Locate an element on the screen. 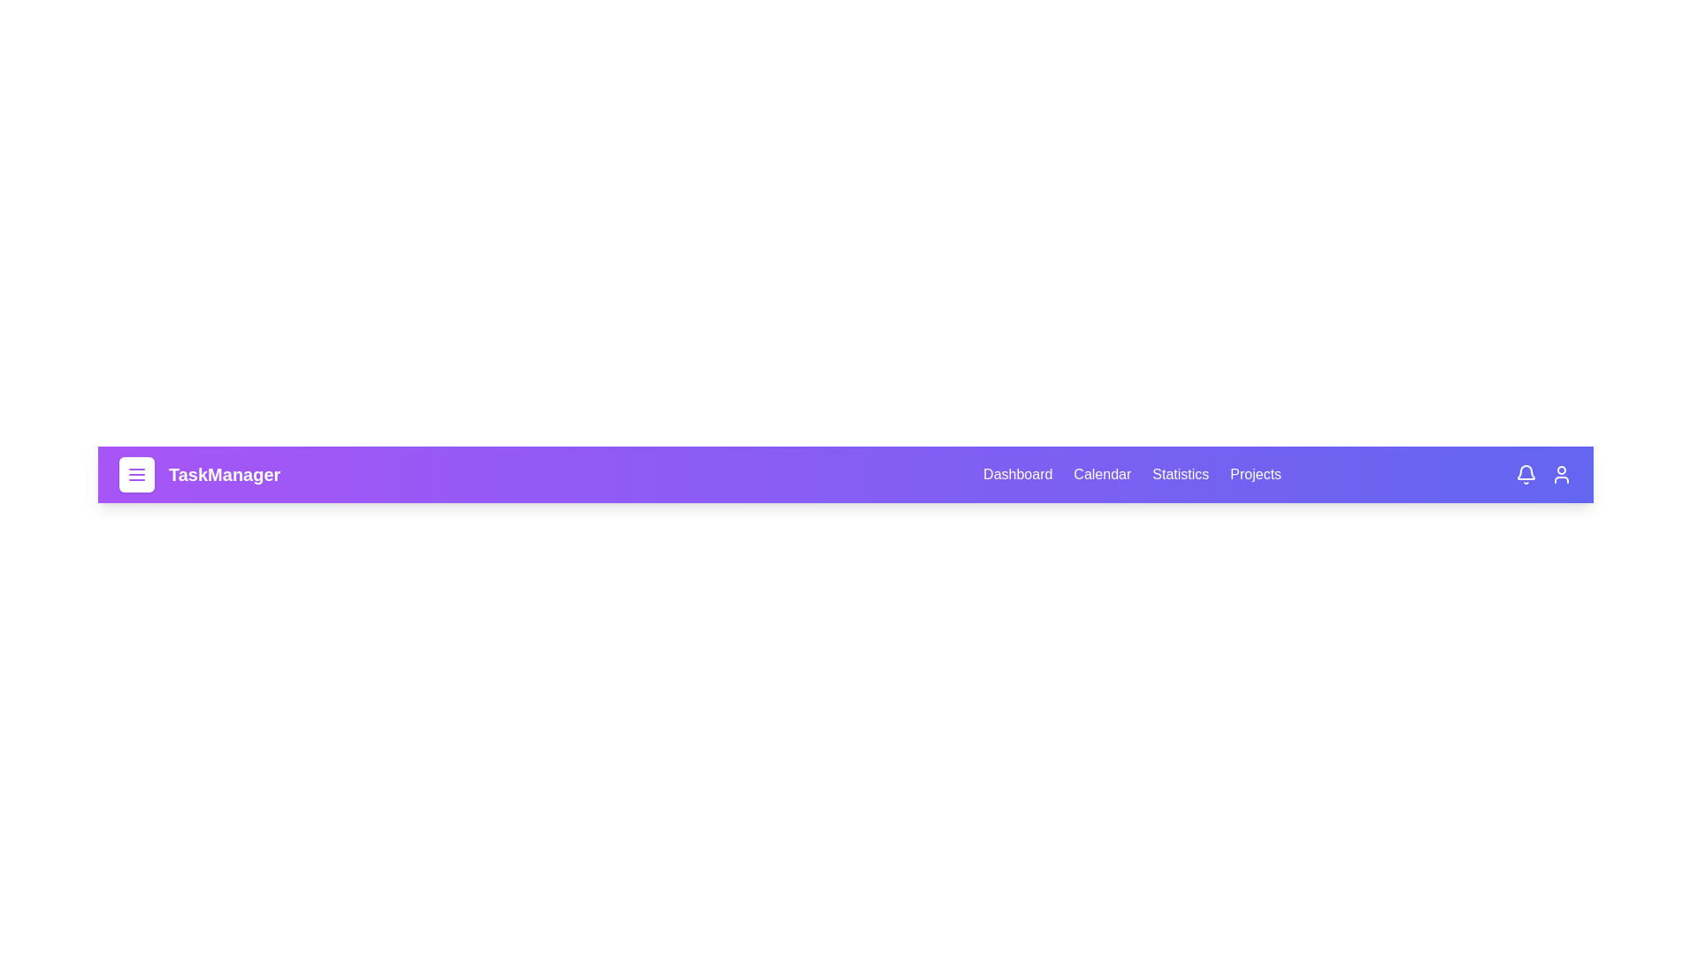 This screenshot has width=1698, height=955. the Projects tab to navigate to the respective section is located at coordinates (1255, 473).